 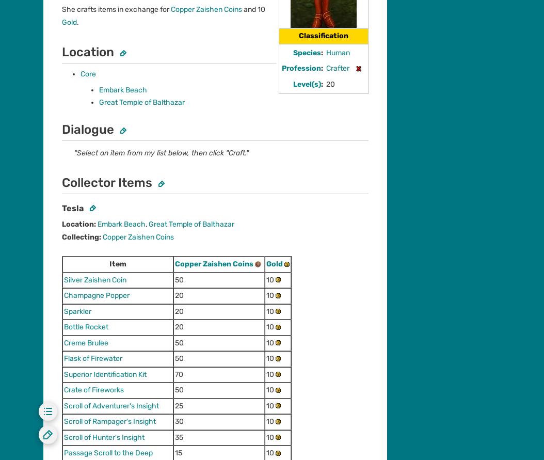 I want to click on 'Careers', so click(x=56, y=230).